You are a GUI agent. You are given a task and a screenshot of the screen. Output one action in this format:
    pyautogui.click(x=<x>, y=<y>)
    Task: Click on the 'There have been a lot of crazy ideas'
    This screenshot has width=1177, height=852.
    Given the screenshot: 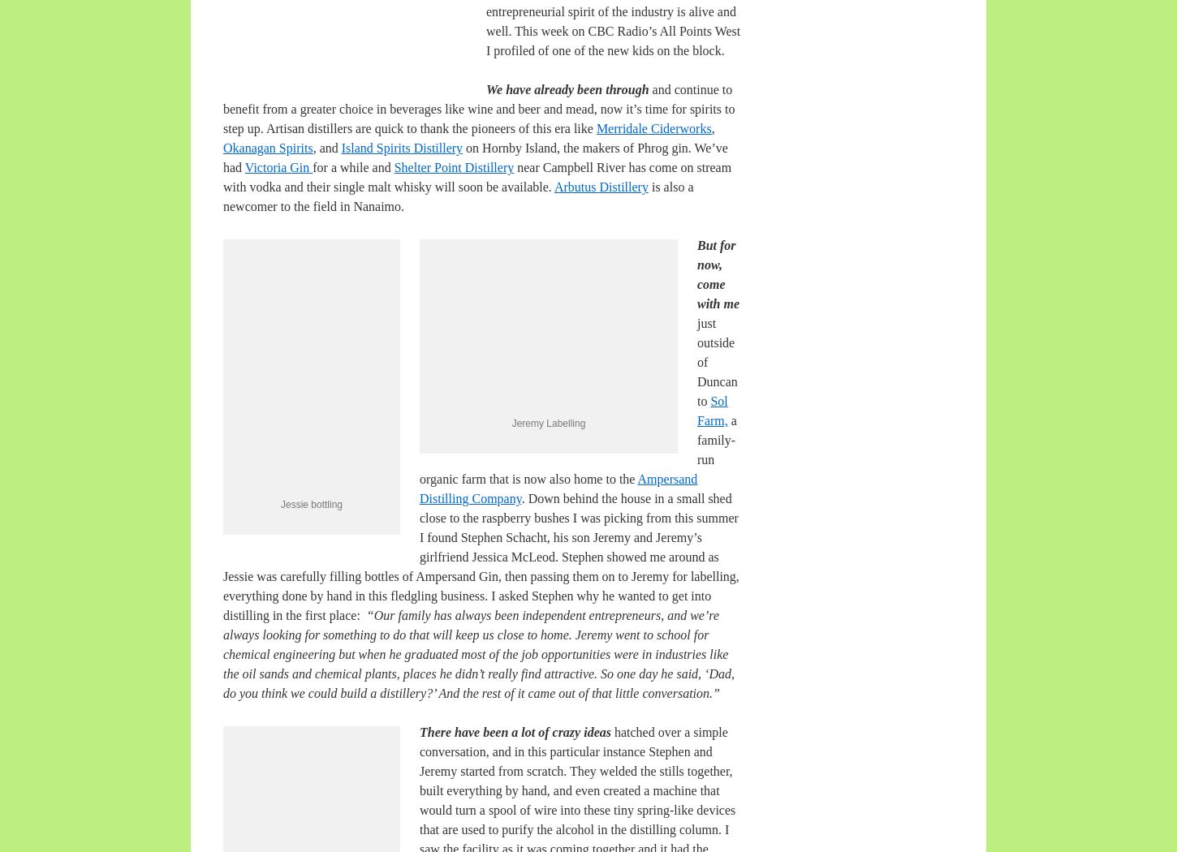 What is the action you would take?
    pyautogui.click(x=514, y=732)
    